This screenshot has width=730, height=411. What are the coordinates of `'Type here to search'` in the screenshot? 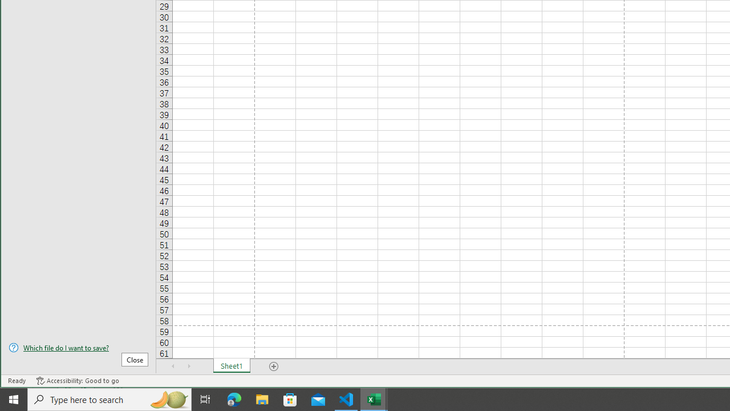 It's located at (109, 398).